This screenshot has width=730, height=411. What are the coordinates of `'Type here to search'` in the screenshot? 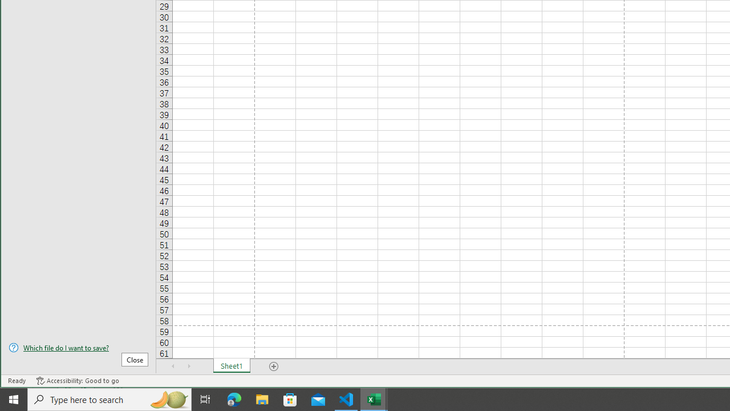 It's located at (109, 398).